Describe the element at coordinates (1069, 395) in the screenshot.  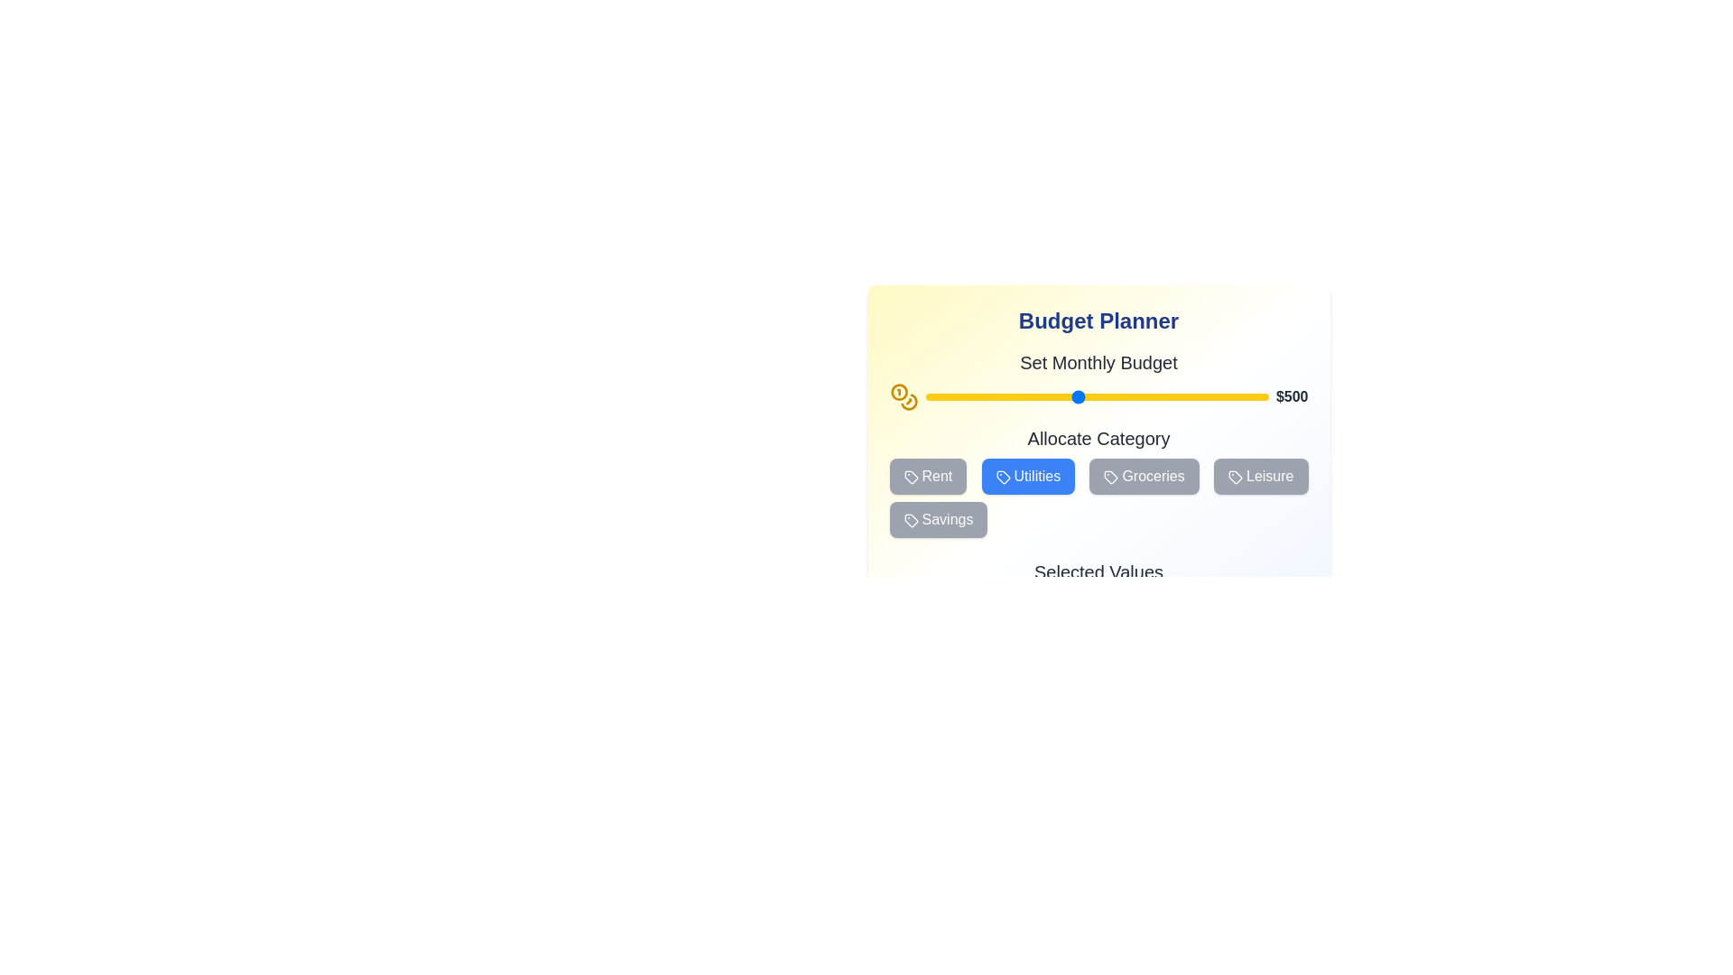
I see `the budget slider` at that location.